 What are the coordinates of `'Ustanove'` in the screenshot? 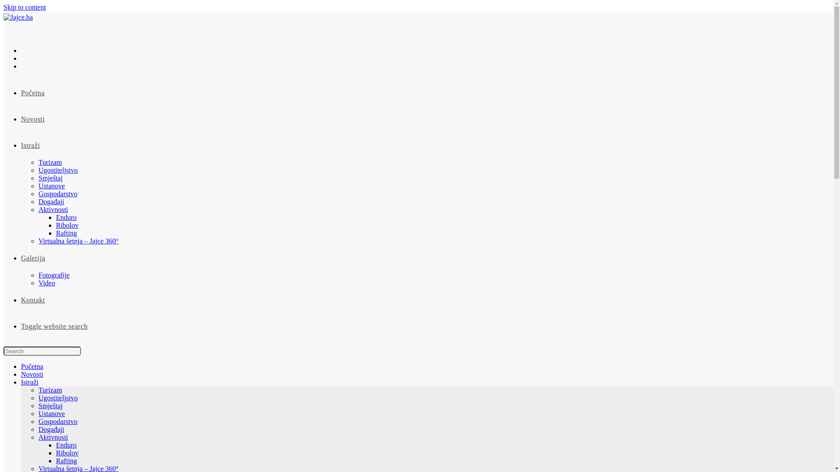 It's located at (51, 185).